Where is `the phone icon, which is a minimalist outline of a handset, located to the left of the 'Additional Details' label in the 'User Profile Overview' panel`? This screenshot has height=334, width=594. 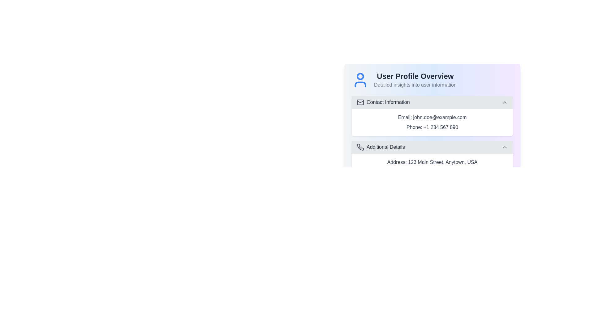 the phone icon, which is a minimalist outline of a handset, located to the left of the 'Additional Details' label in the 'User Profile Overview' panel is located at coordinates (360, 147).